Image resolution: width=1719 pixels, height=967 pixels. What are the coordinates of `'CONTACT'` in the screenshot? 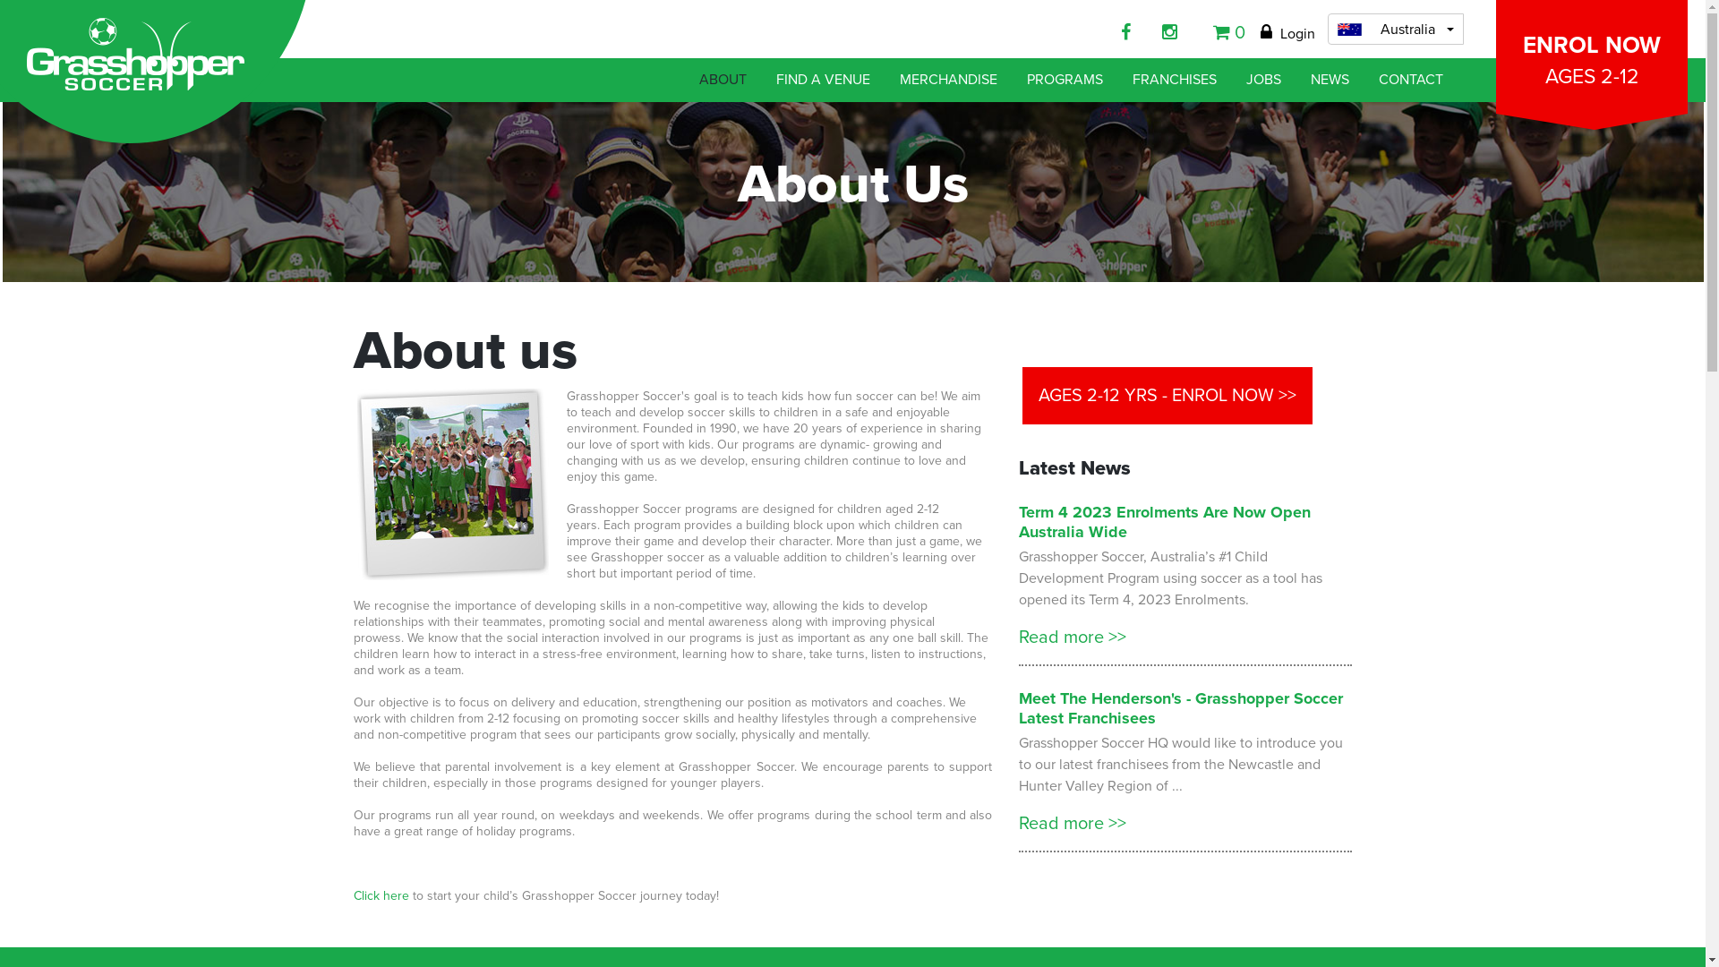 It's located at (1409, 79).